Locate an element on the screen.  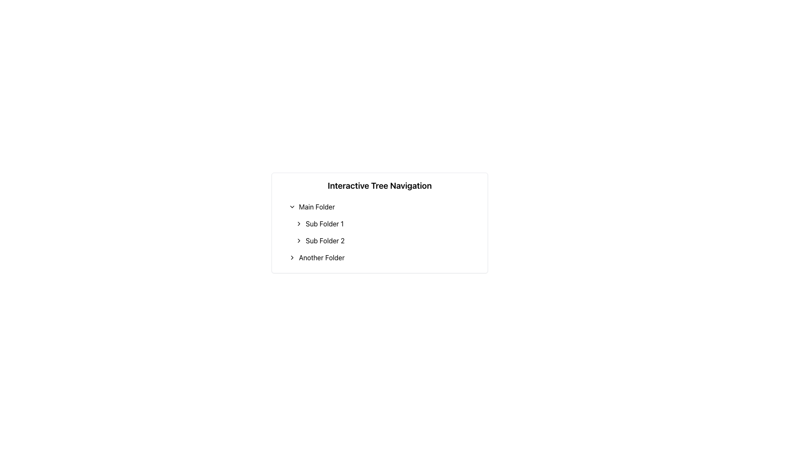
the 'Another Folder' text label in the tree navigation structure is located at coordinates (321, 257).